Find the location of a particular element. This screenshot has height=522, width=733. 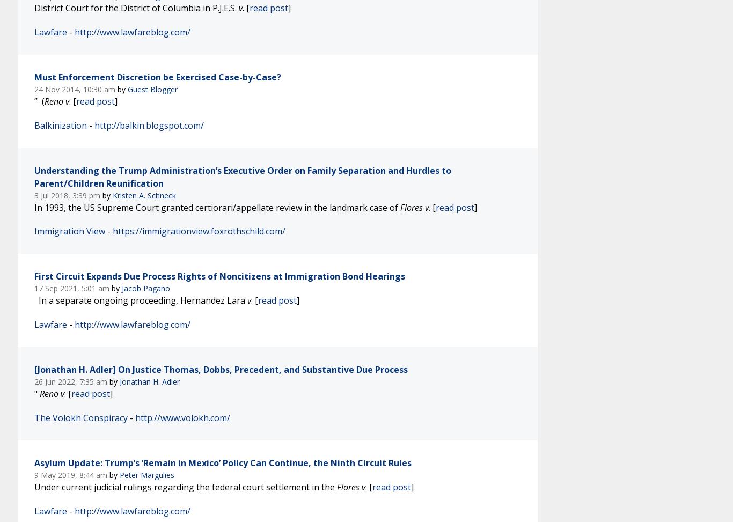

'Must Enforcement Discretion be Exercised Case-by-Case?' is located at coordinates (157, 77).